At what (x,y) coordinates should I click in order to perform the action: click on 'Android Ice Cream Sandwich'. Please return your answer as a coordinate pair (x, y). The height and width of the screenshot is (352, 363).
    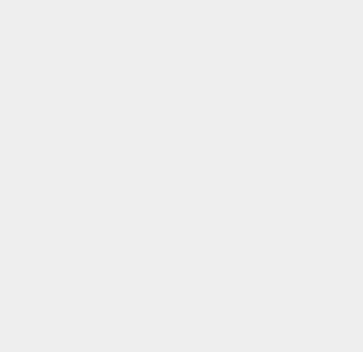
    Looking at the image, I should click on (257, 289).